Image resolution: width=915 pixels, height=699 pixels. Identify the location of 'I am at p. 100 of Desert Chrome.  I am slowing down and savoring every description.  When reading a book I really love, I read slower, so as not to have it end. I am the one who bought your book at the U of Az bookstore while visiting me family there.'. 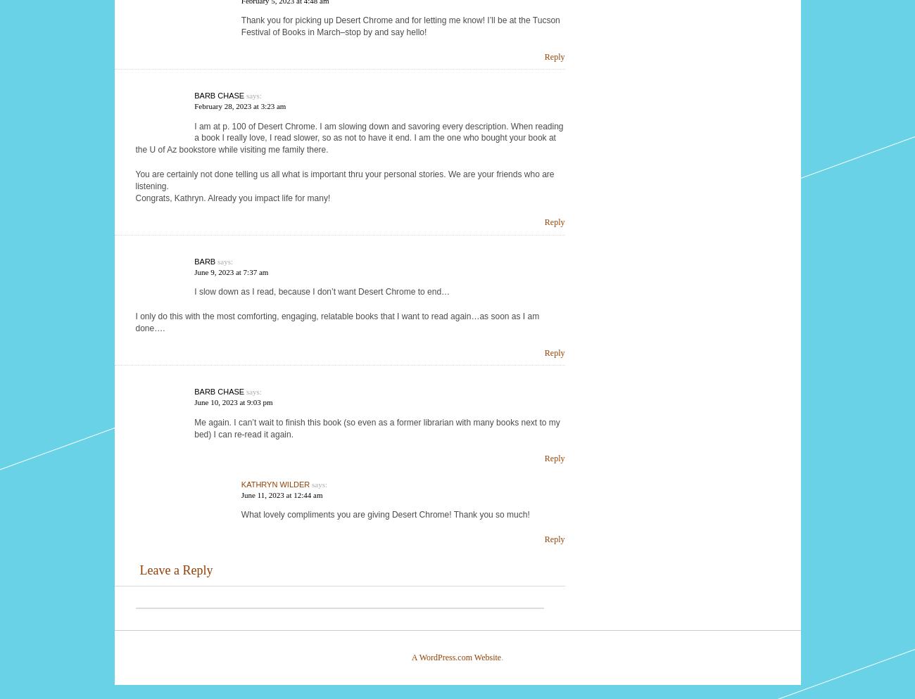
(348, 137).